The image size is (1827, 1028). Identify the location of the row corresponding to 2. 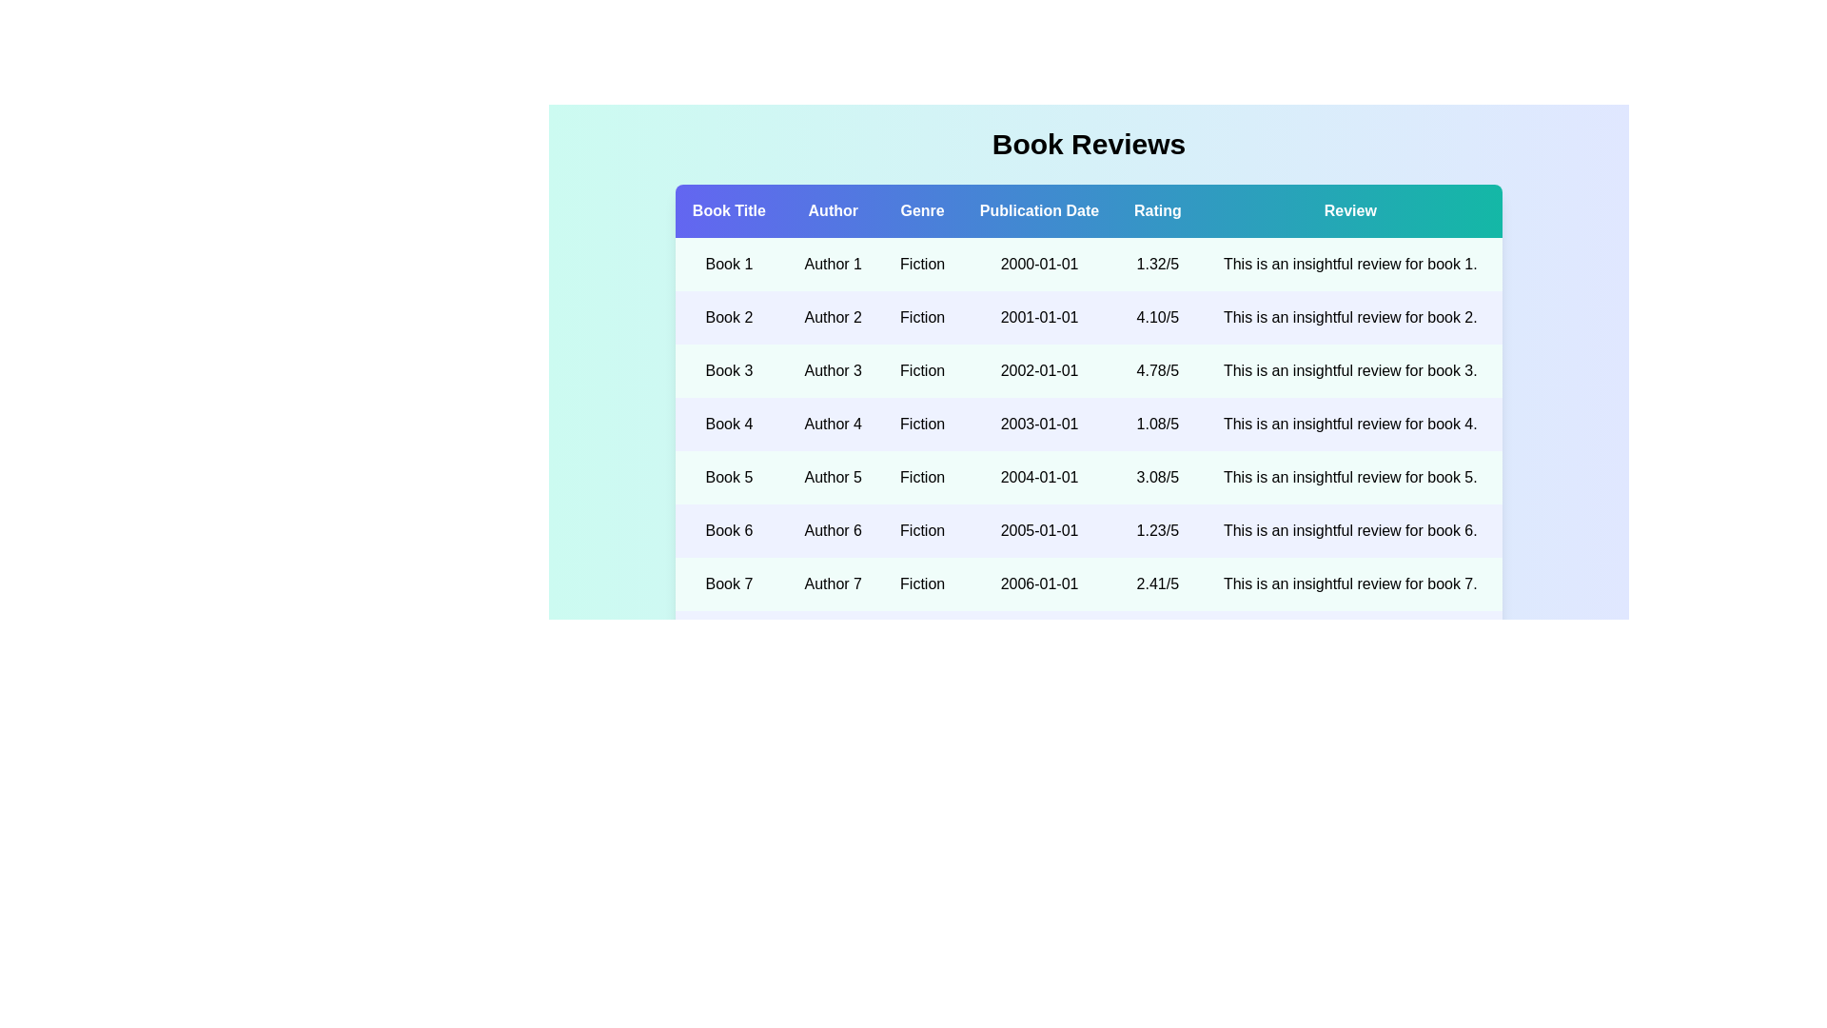
(1089, 317).